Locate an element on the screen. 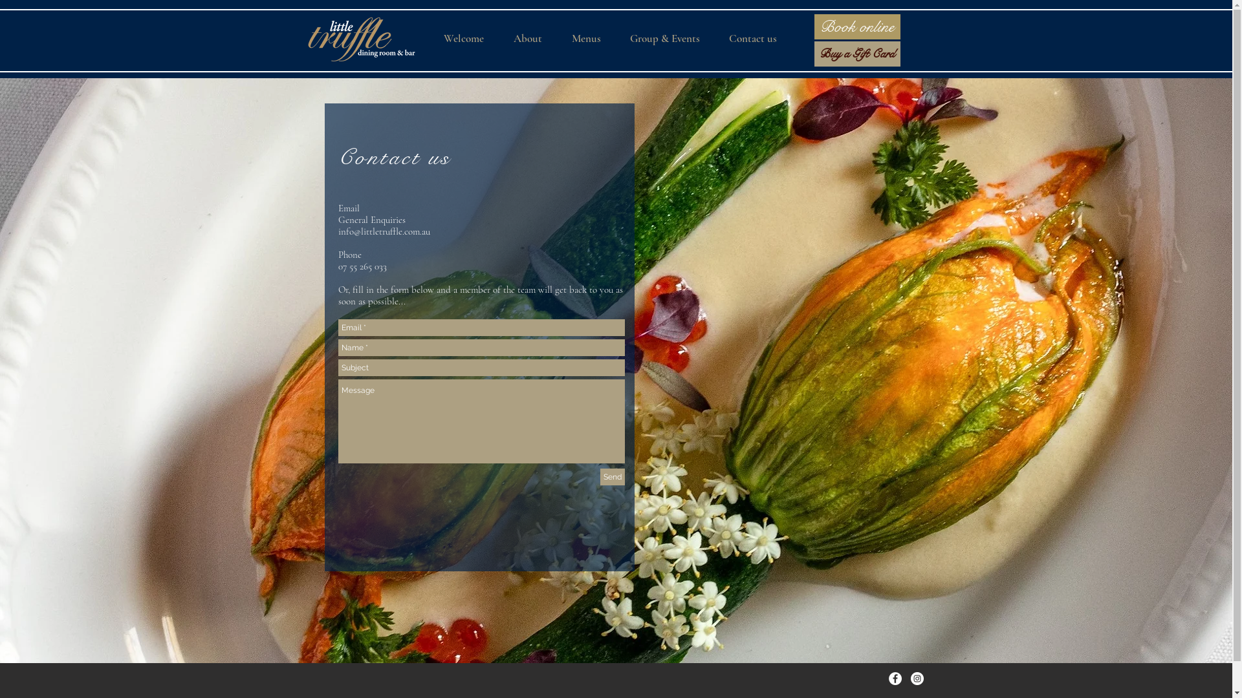  'Buy a Gift Card' is located at coordinates (856, 53).